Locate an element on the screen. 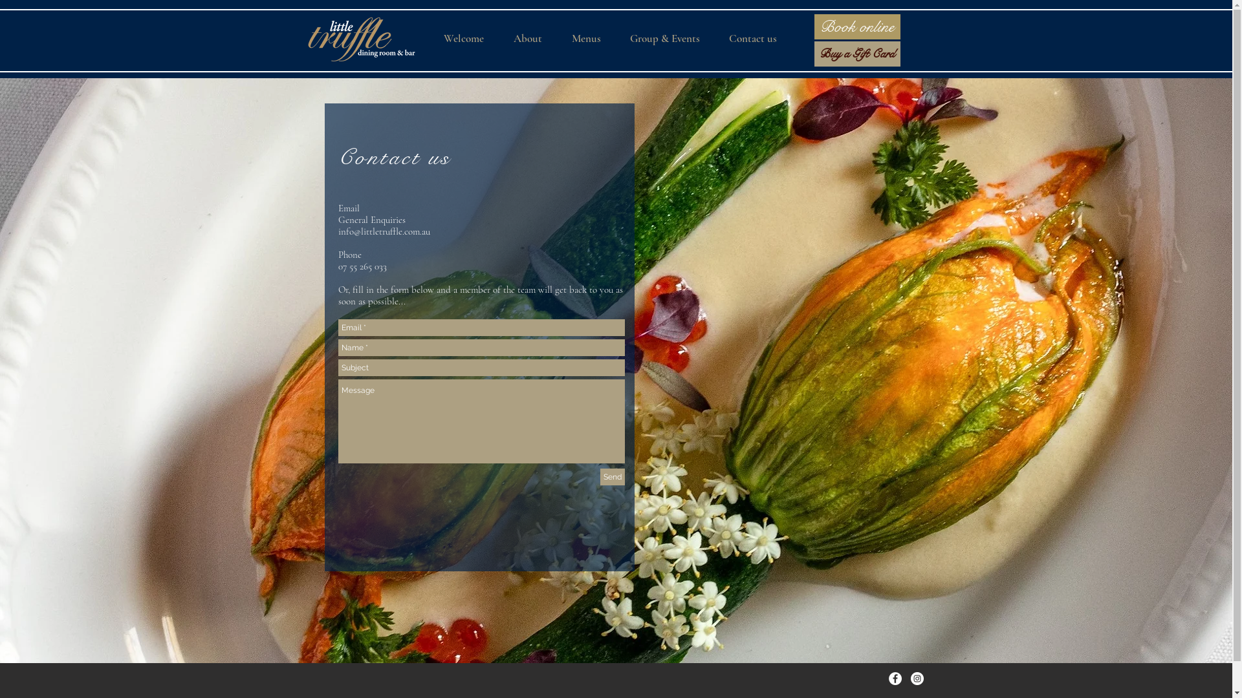  'Buy a Gift Card' is located at coordinates (856, 53).